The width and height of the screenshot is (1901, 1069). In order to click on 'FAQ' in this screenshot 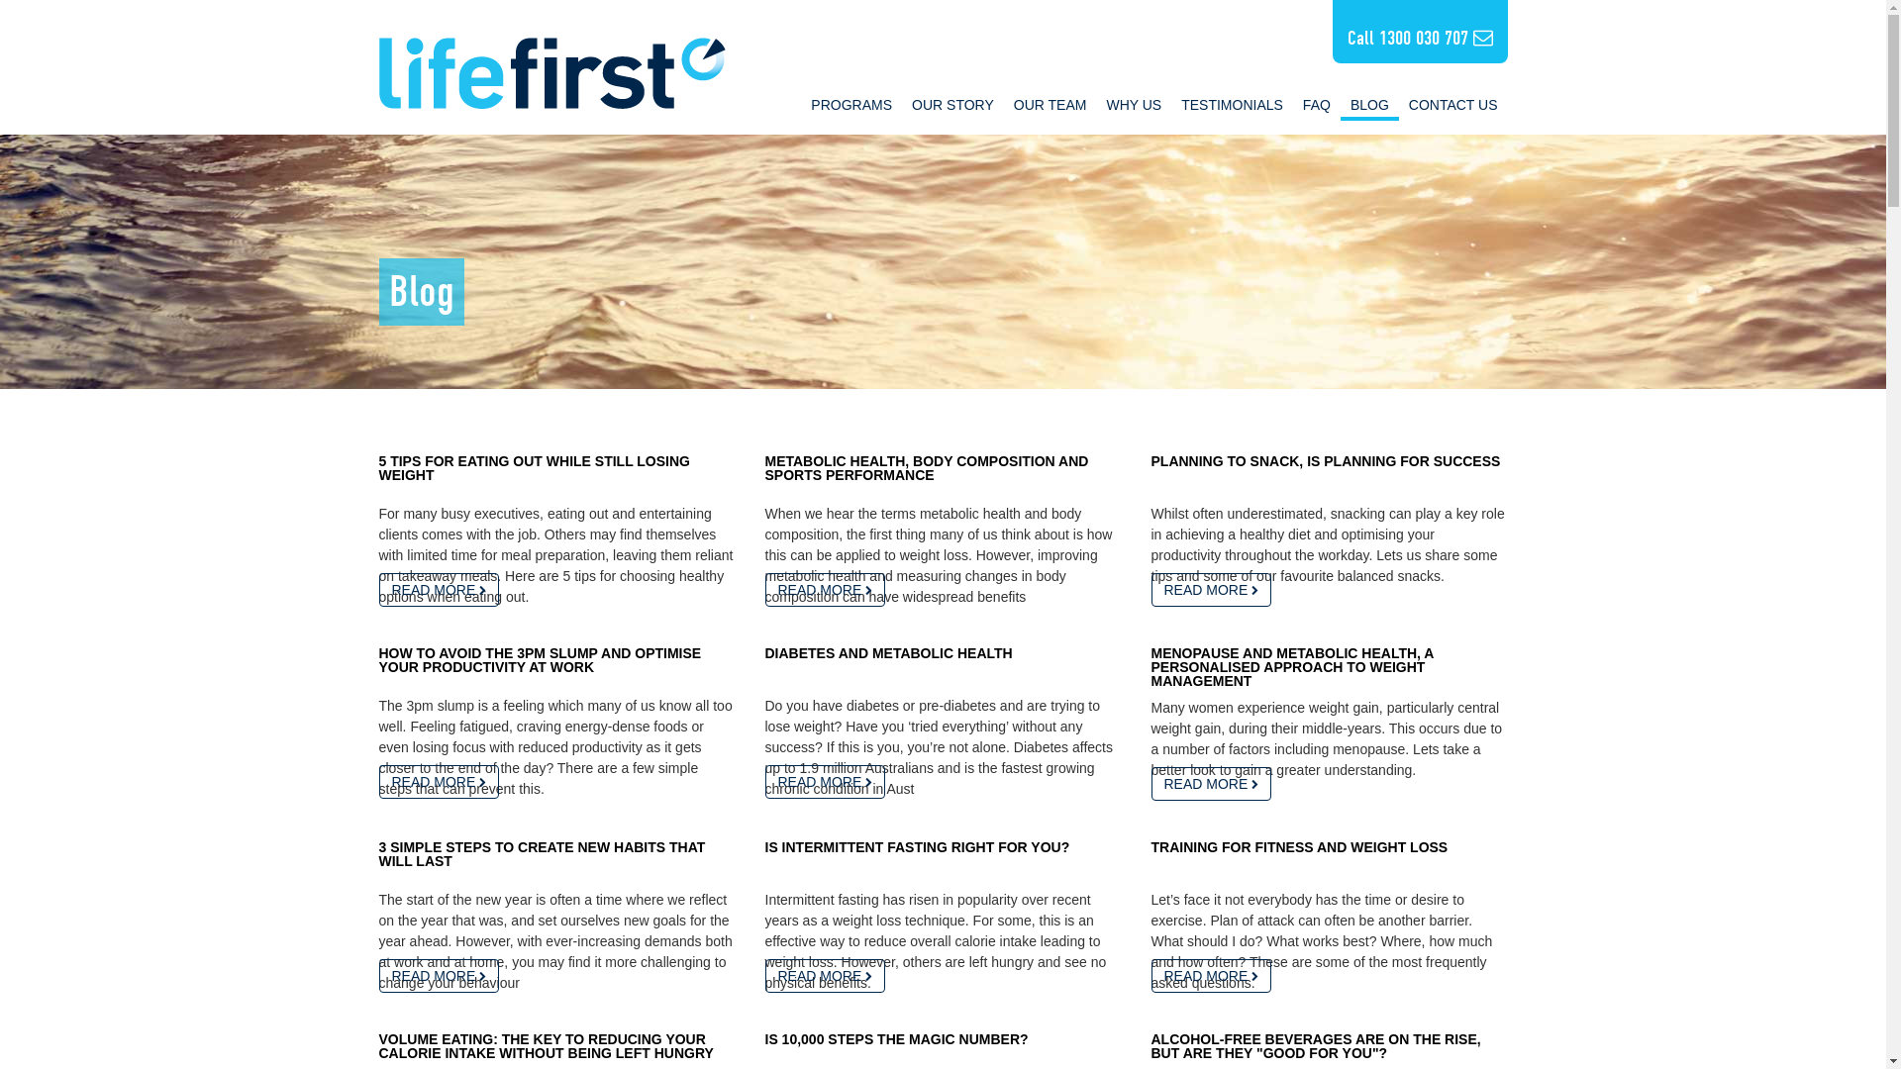, I will do `click(1316, 104)`.